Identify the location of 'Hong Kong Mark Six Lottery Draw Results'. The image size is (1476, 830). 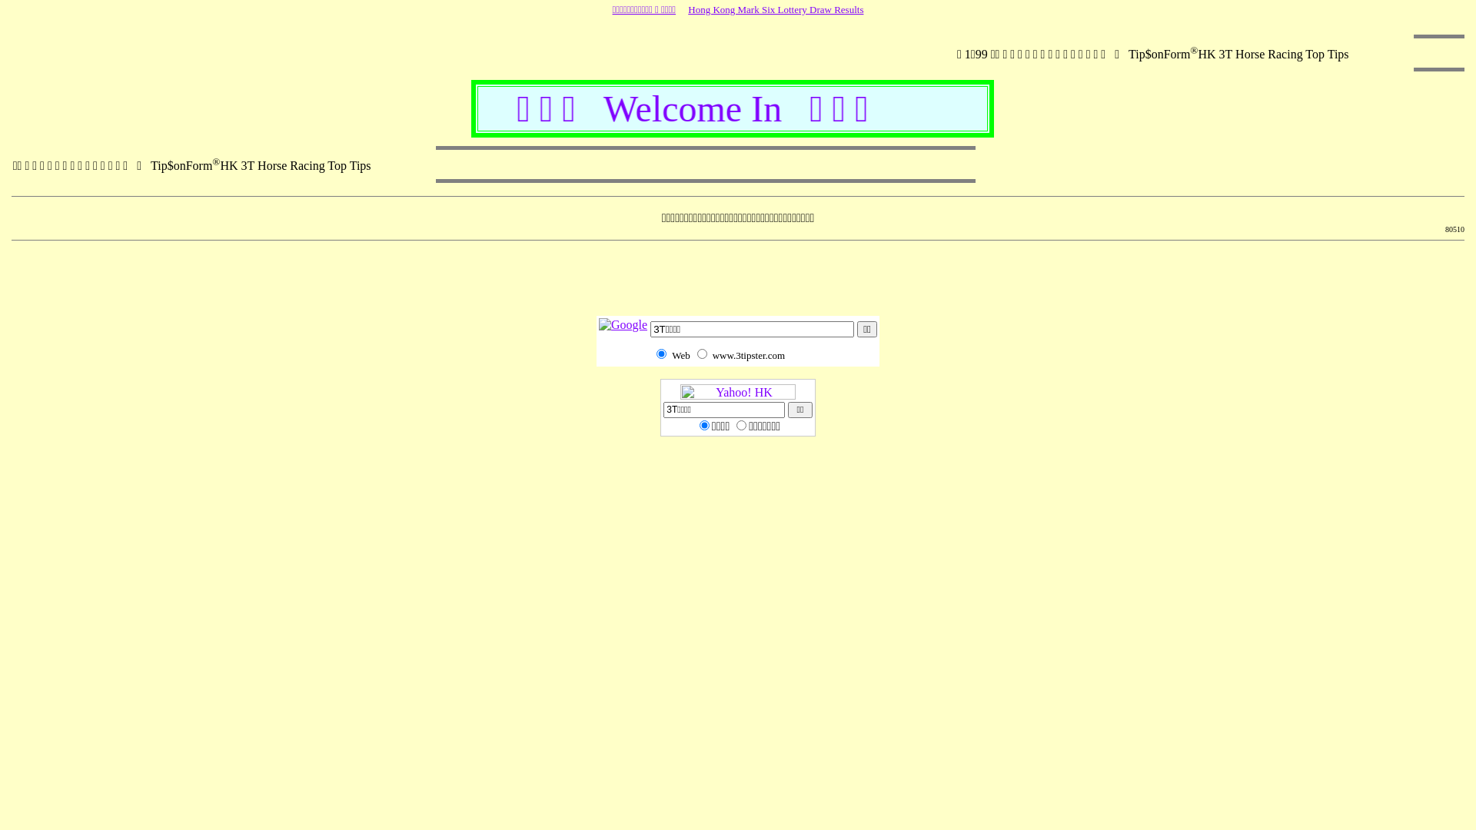
(775, 9).